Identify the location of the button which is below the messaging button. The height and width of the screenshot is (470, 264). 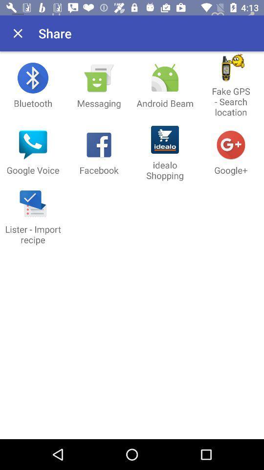
(99, 153).